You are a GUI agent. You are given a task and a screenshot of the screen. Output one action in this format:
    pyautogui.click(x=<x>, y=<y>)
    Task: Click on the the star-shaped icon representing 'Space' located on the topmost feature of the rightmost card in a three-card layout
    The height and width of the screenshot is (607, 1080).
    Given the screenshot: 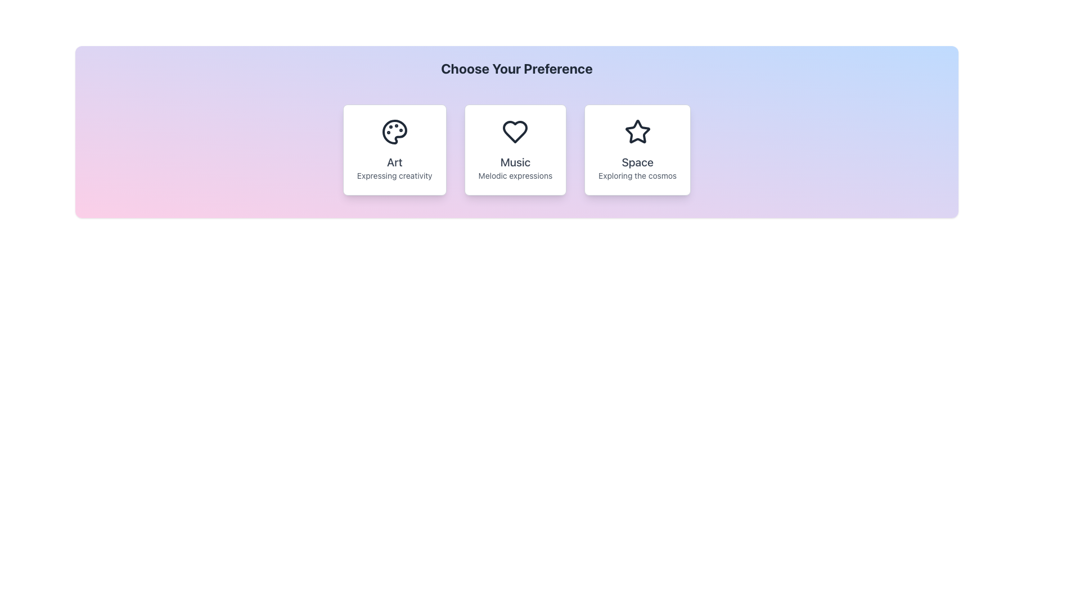 What is the action you would take?
    pyautogui.click(x=637, y=132)
    